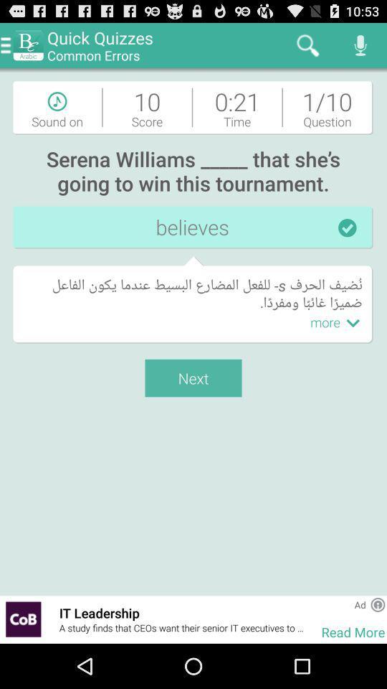  What do you see at coordinates (378, 604) in the screenshot?
I see `advertisement` at bounding box center [378, 604].